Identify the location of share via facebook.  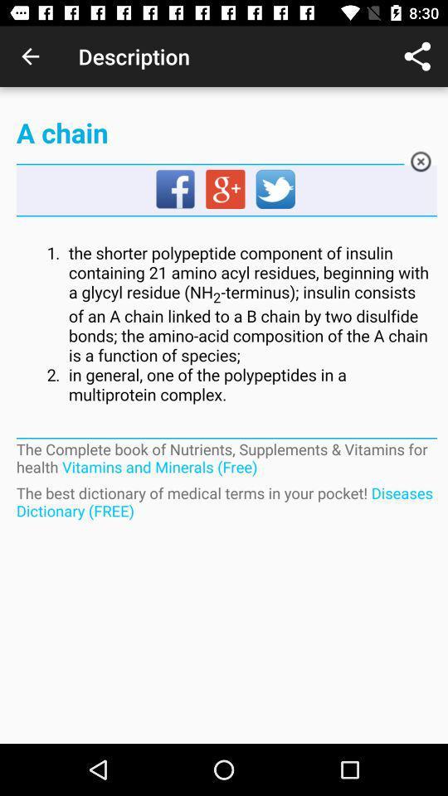
(175, 190).